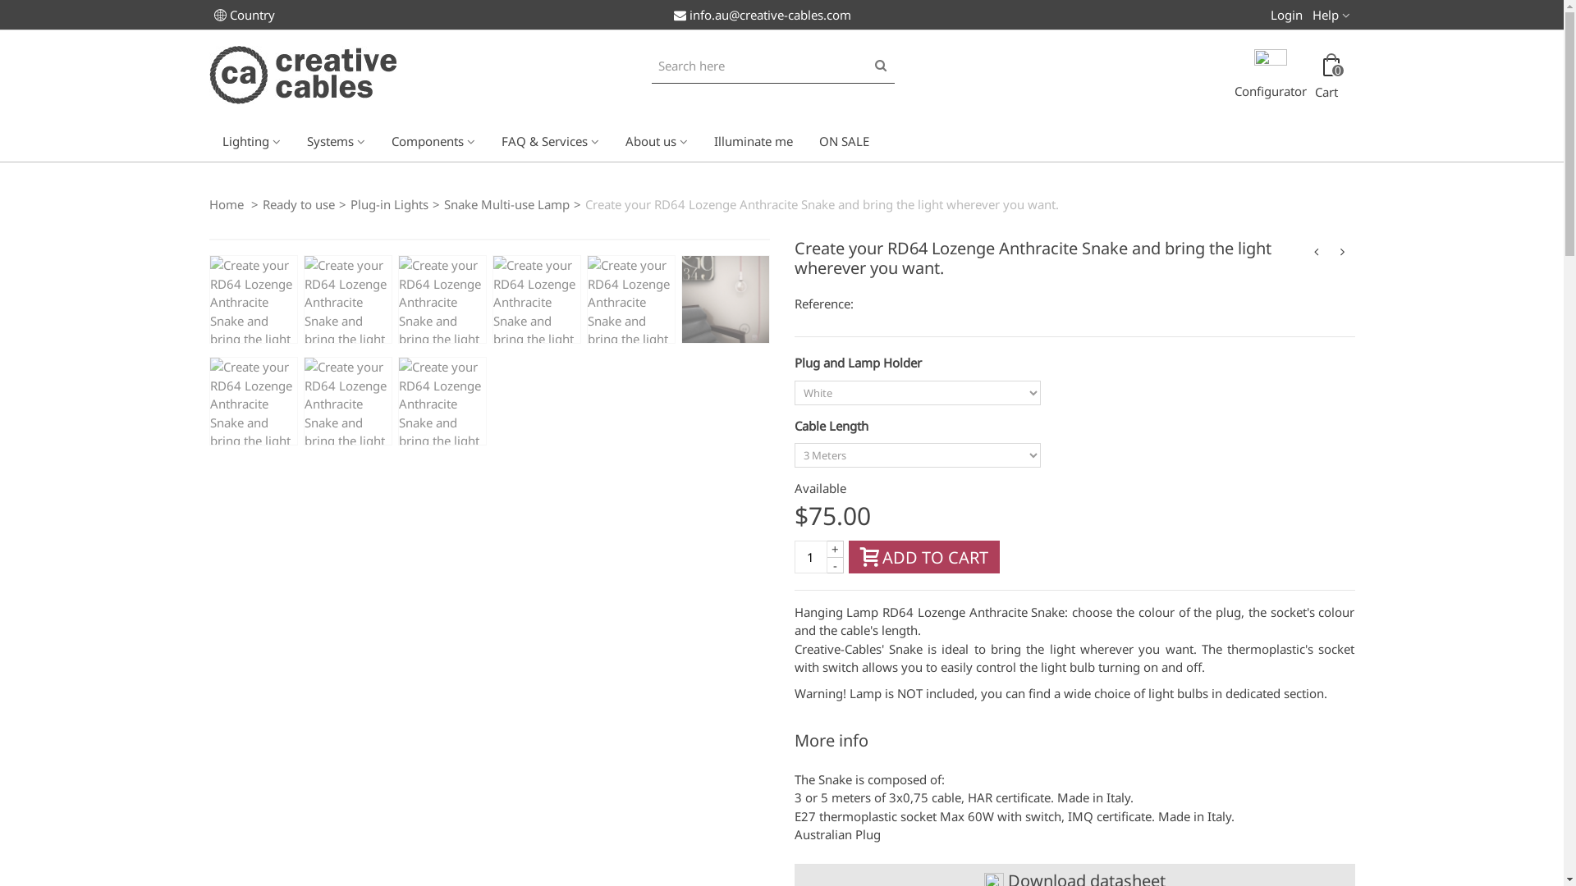 This screenshot has height=886, width=1576. What do you see at coordinates (299, 202) in the screenshot?
I see `'Ready to use'` at bounding box center [299, 202].